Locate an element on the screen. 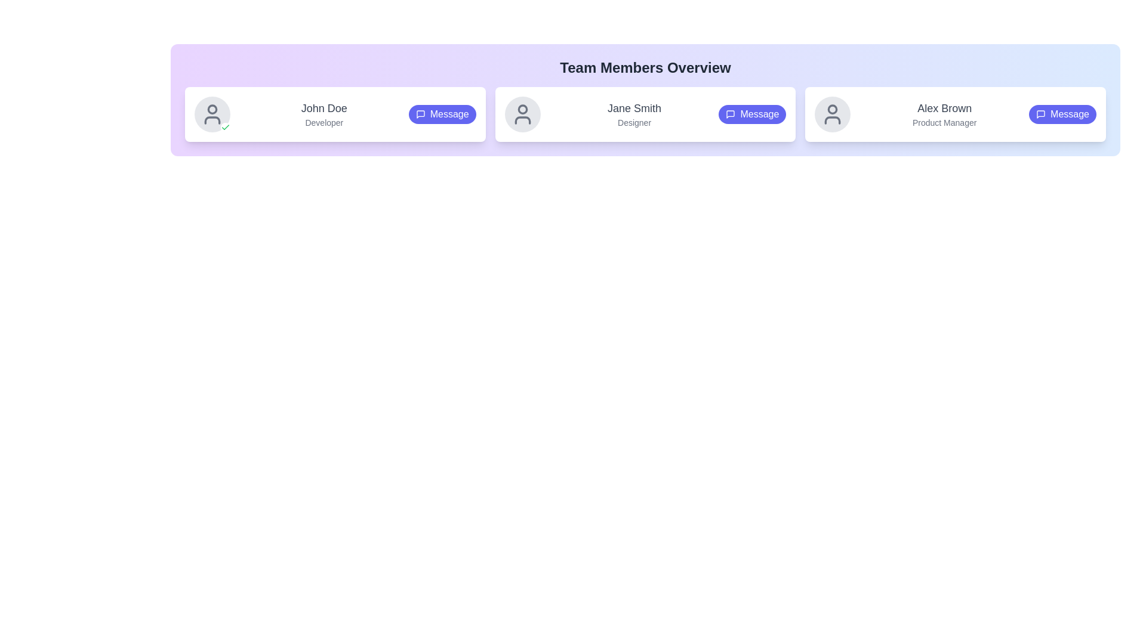 The image size is (1146, 644). the text label displaying 'Jane Smith' in a larger dark gray font, positioned above the subtitle 'Designer' in the center card of the layout is located at coordinates (634, 108).